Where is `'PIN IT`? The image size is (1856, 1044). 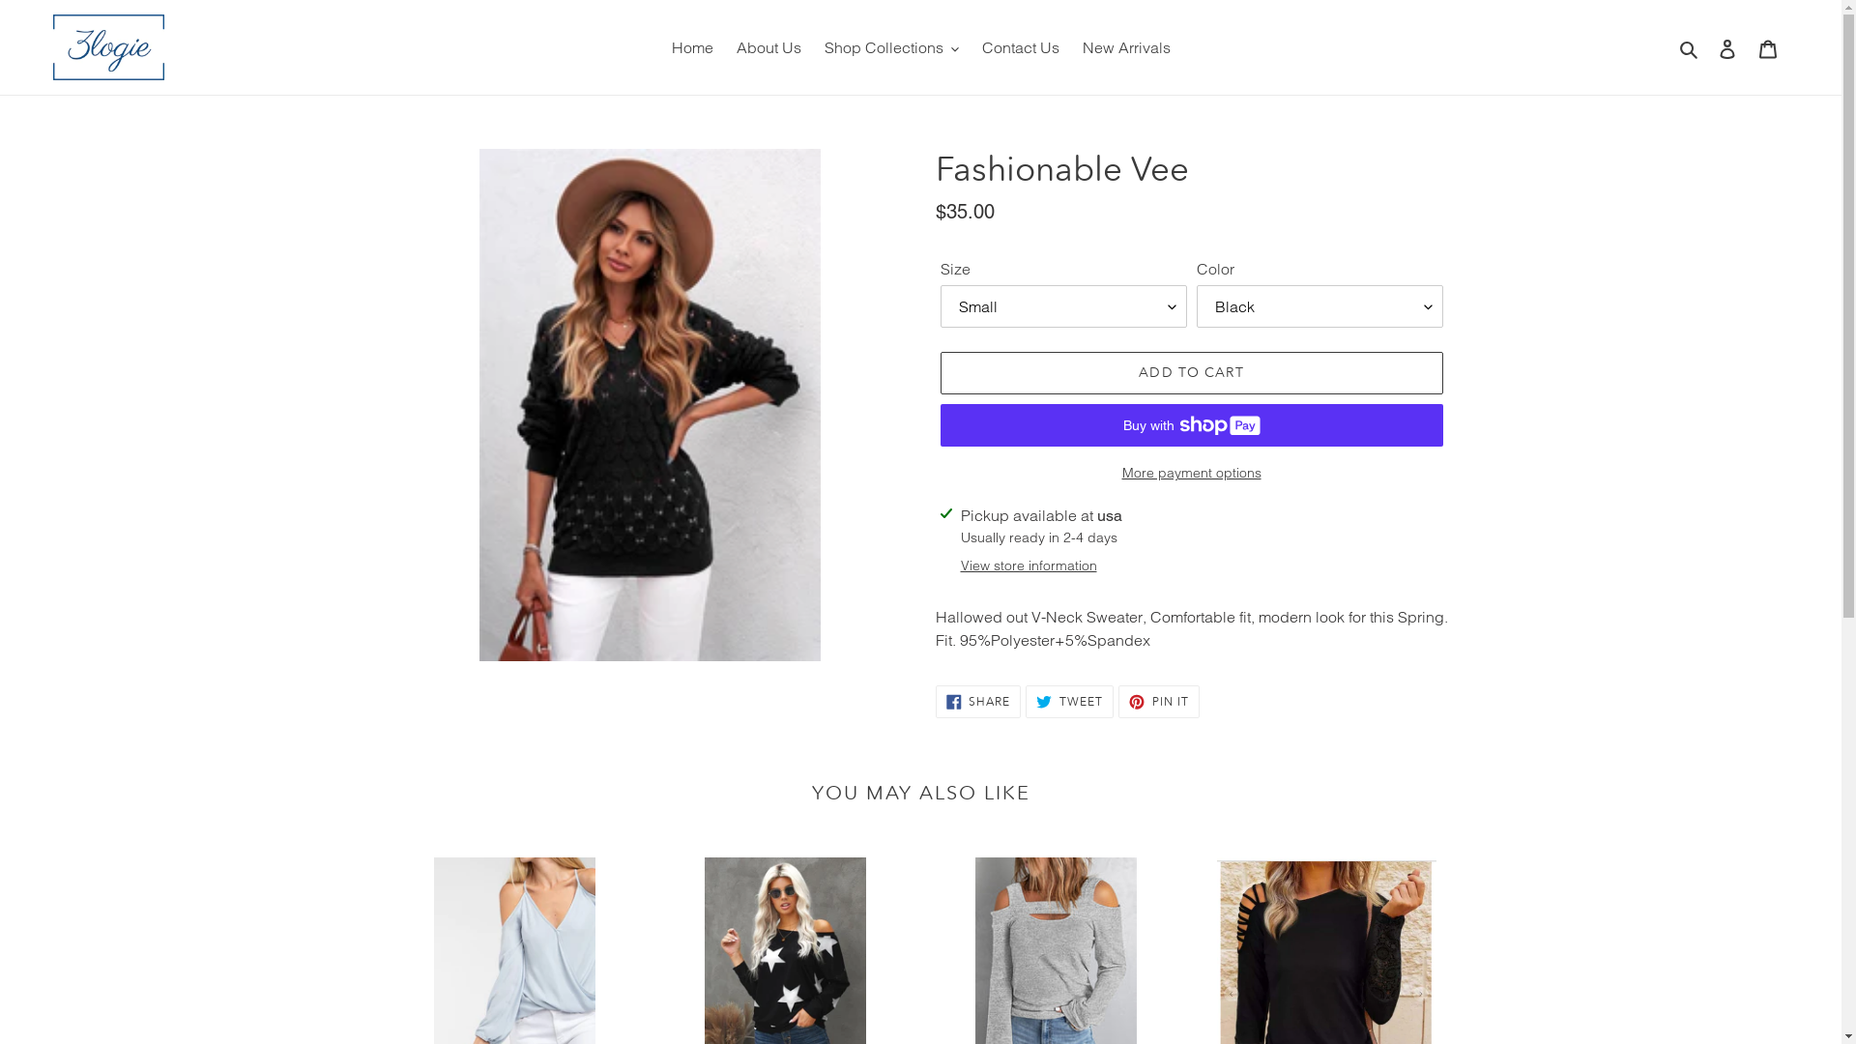 'PIN IT is located at coordinates (1117, 701).